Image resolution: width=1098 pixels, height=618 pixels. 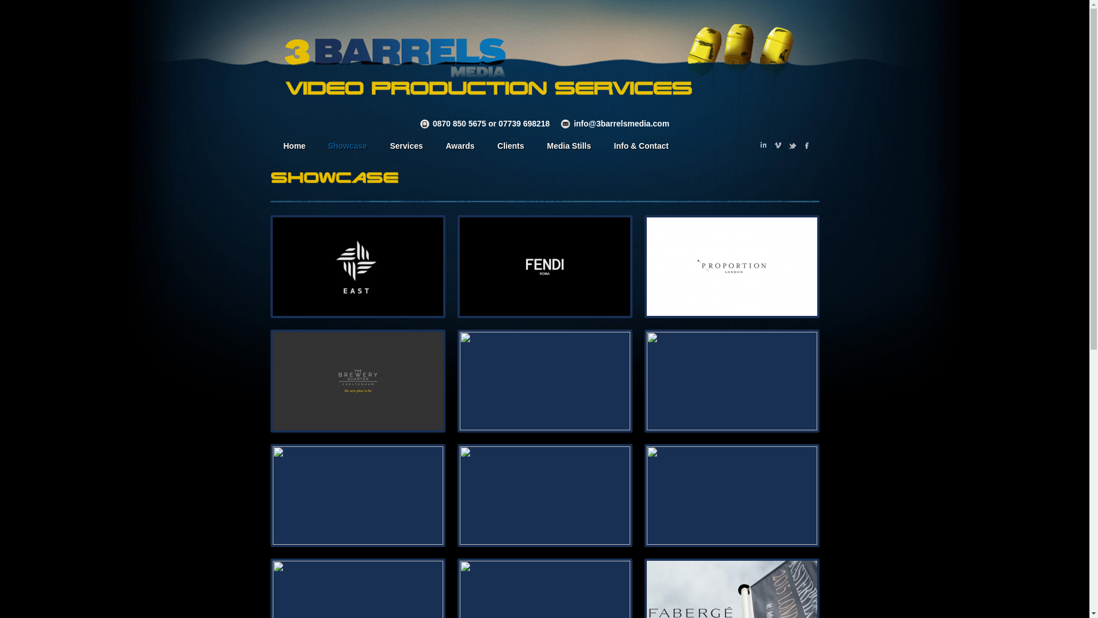 What do you see at coordinates (293, 147) in the screenshot?
I see `'Home'` at bounding box center [293, 147].